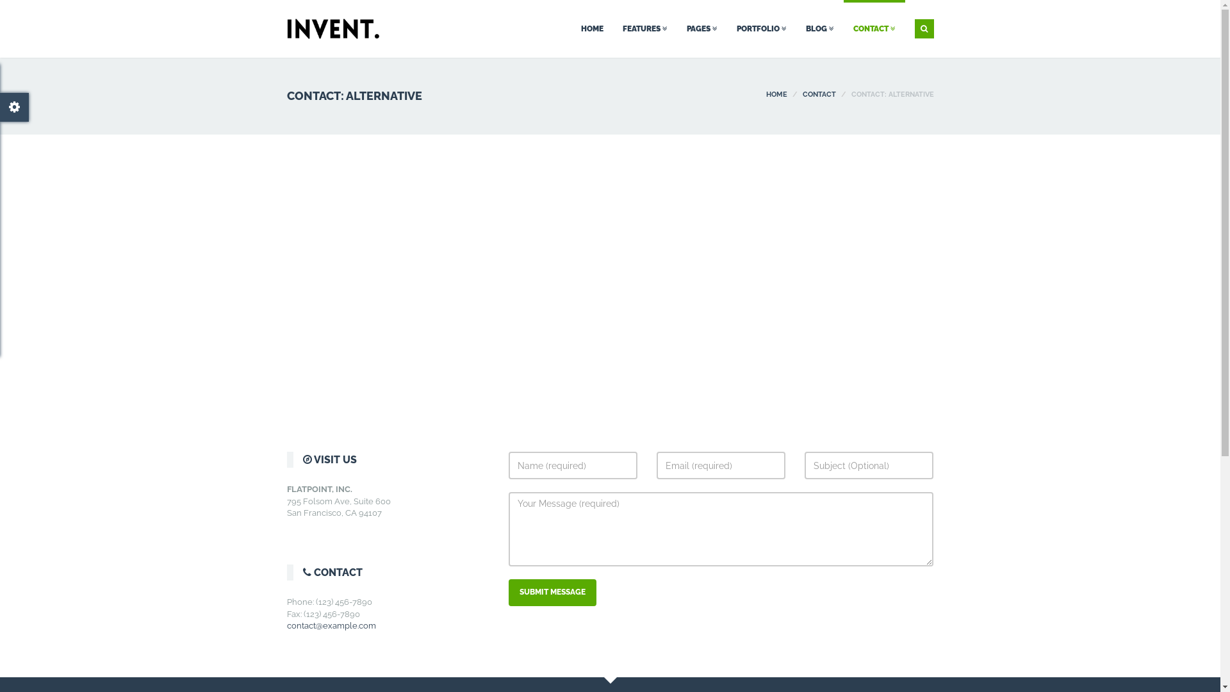  Describe the element at coordinates (591, 29) in the screenshot. I see `'HOME'` at that location.